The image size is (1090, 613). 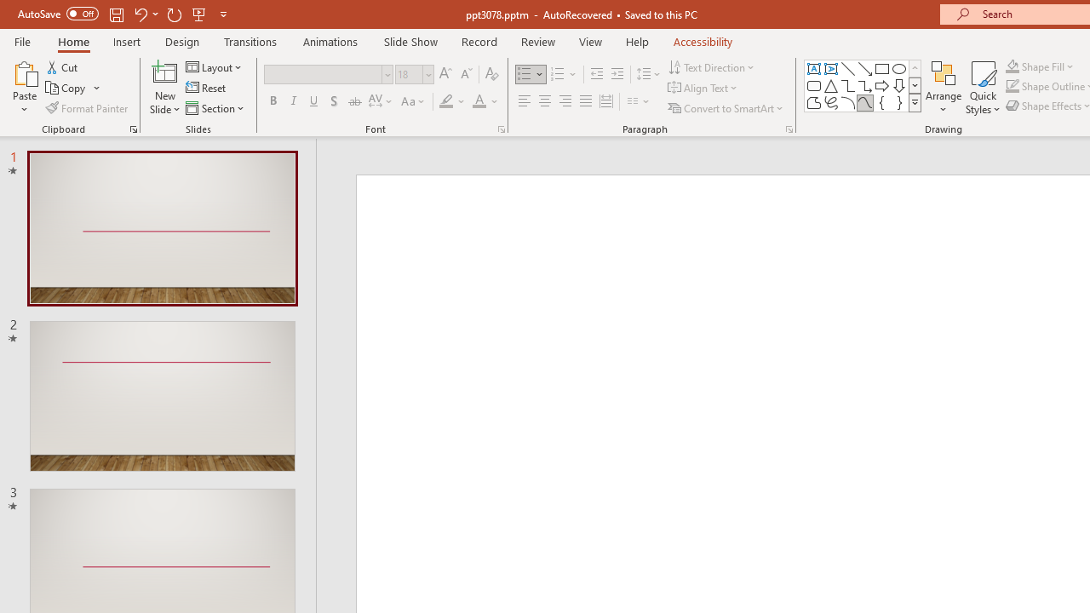 What do you see at coordinates (452, 101) in the screenshot?
I see `'Text Highlight Color'` at bounding box center [452, 101].